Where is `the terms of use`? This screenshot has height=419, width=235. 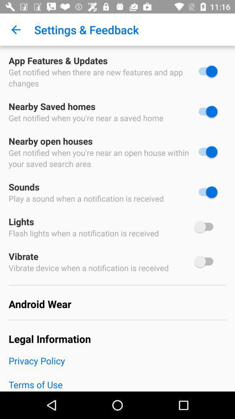
the terms of use is located at coordinates (117, 384).